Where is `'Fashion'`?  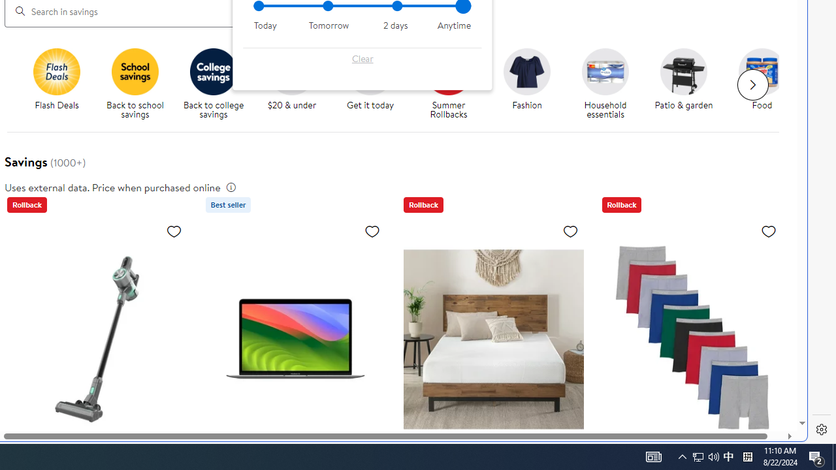
'Fashion' is located at coordinates (532, 84).